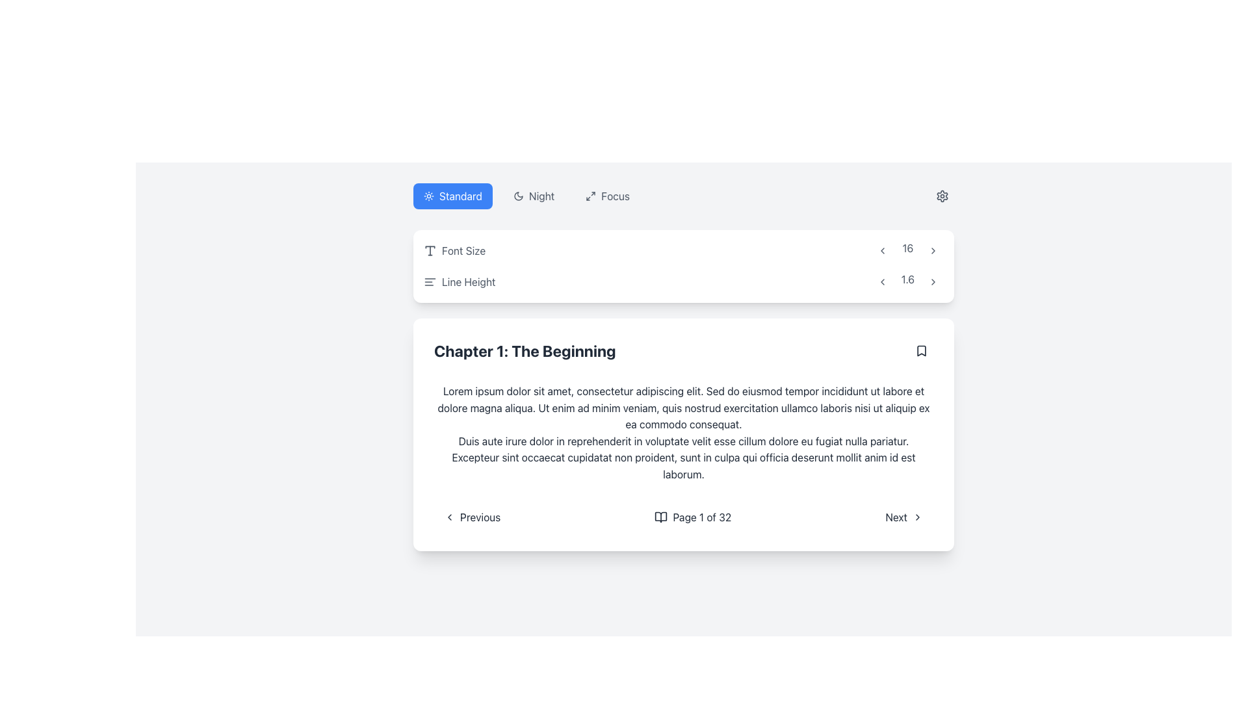 Image resolution: width=1248 pixels, height=702 pixels. Describe the element at coordinates (526, 196) in the screenshot. I see `the 'Night' button, the second button in a group of three at the top of the interface` at that location.